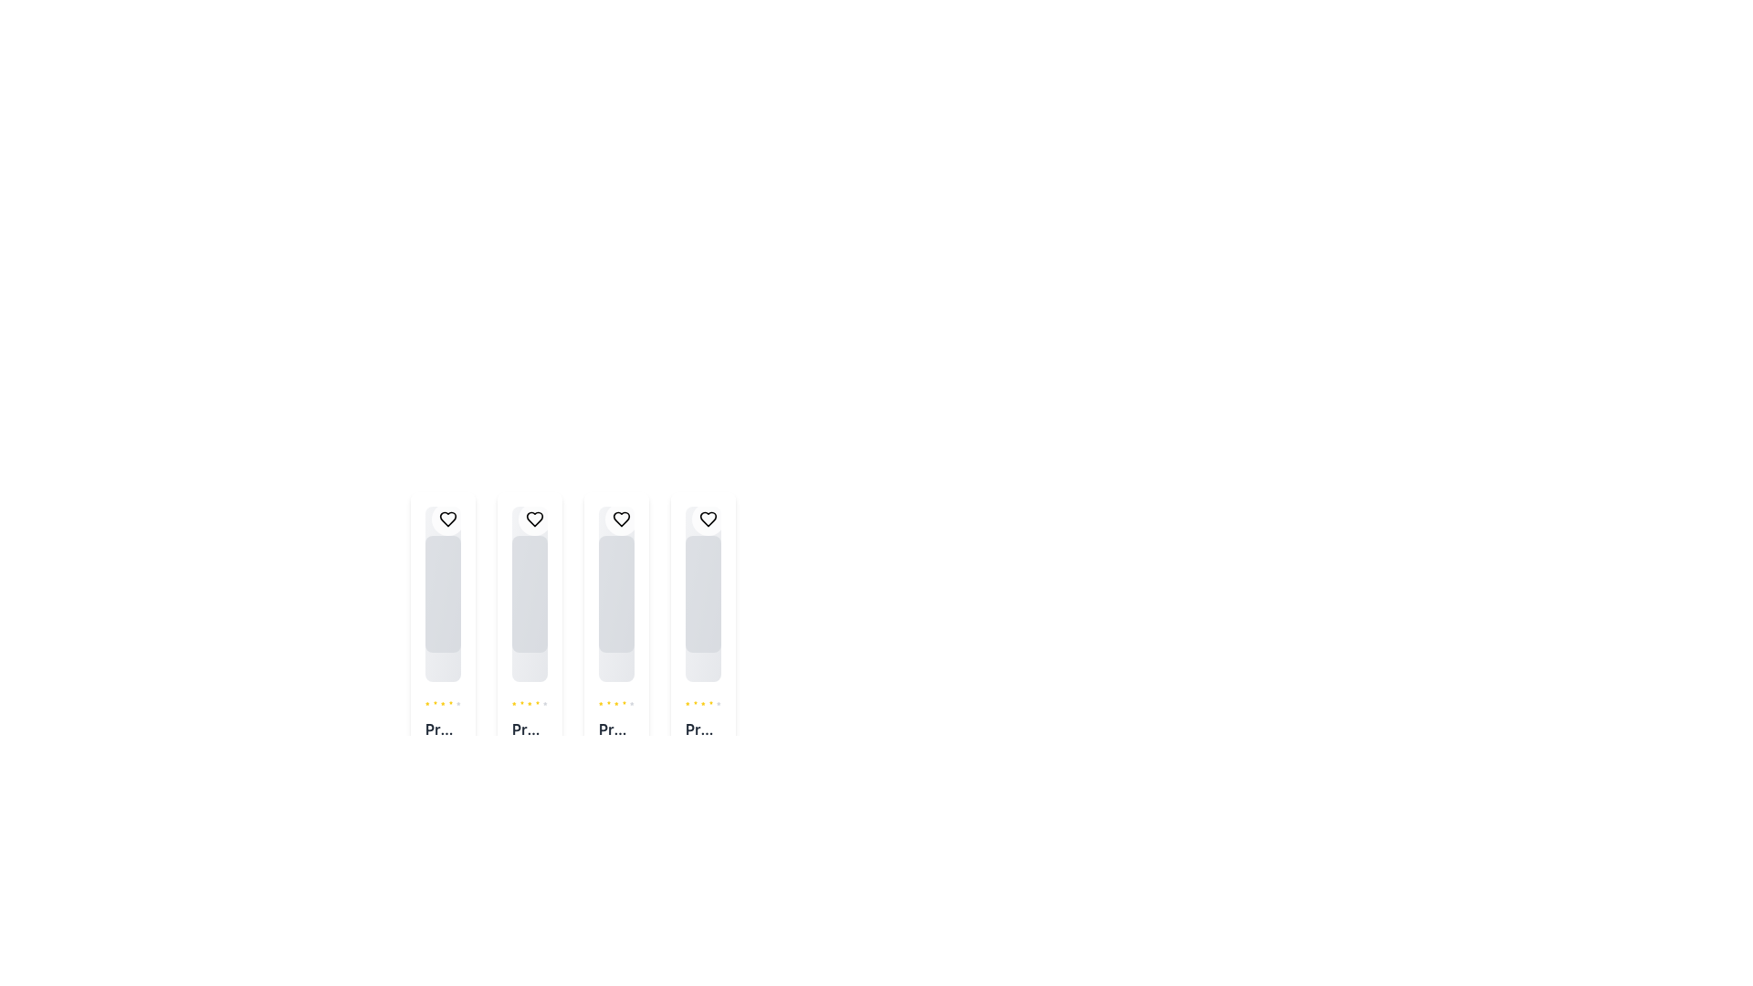 This screenshot has height=986, width=1753. What do you see at coordinates (616, 728) in the screenshot?
I see `the third 'Product Name' text label, which is styled in semibold dark gray and may truncate if too long, located at the bottom of the product tile` at bounding box center [616, 728].